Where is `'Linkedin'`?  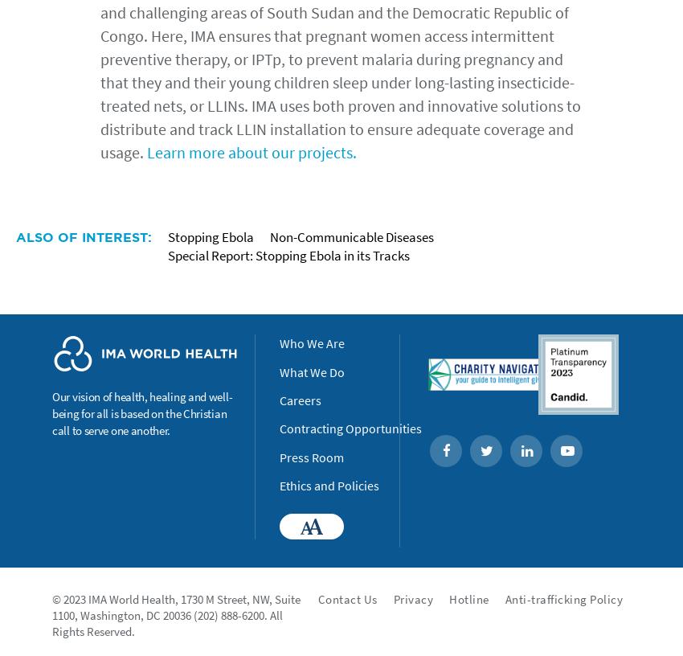
'Linkedin' is located at coordinates (563, 451).